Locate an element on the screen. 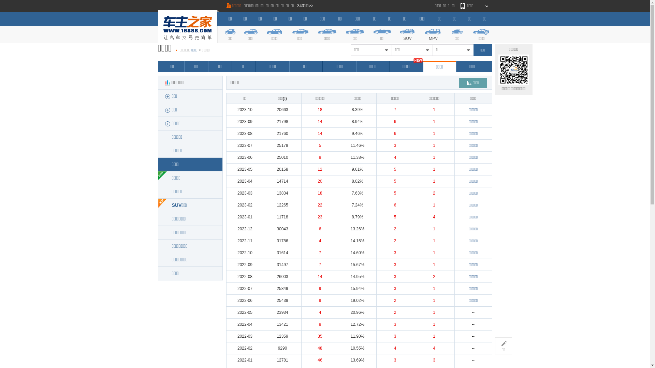 This screenshot has width=655, height=368. '9' is located at coordinates (320, 300).